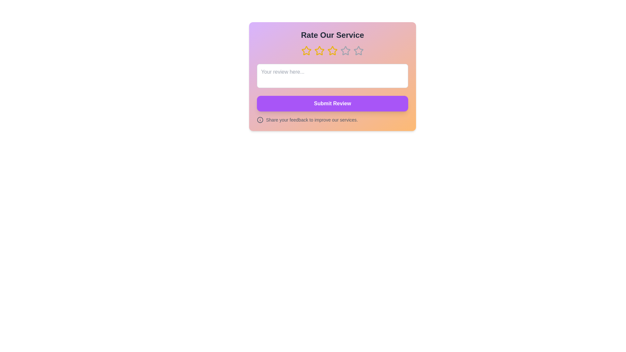  I want to click on the fourth star icon in the five-star rating system for interaction, so click(345, 50).